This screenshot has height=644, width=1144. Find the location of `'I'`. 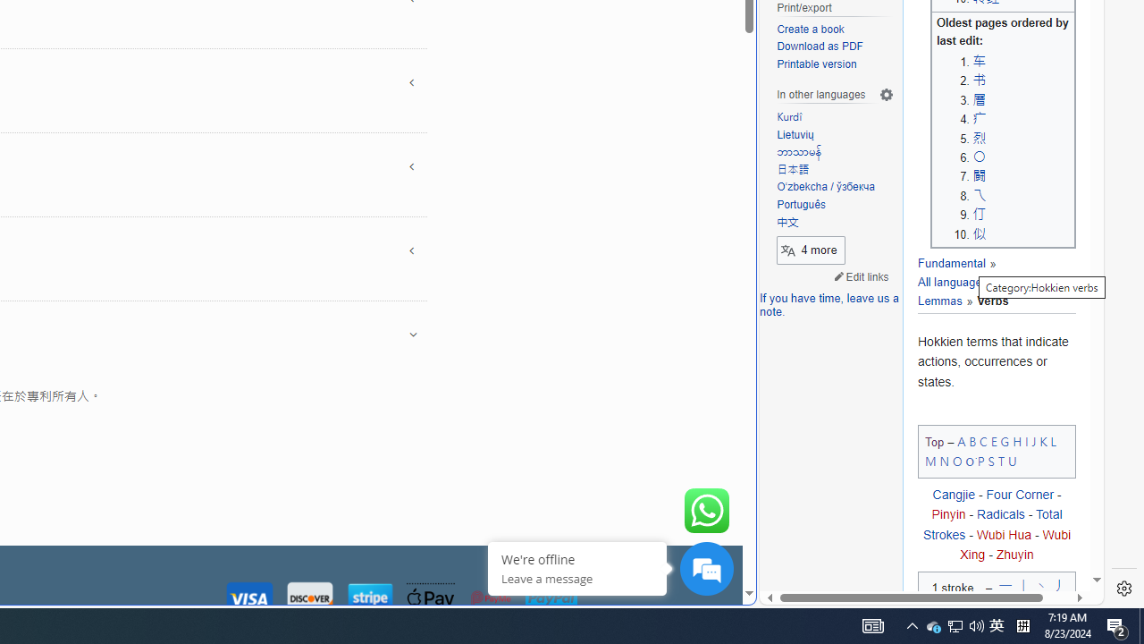

'I' is located at coordinates (1026, 440).